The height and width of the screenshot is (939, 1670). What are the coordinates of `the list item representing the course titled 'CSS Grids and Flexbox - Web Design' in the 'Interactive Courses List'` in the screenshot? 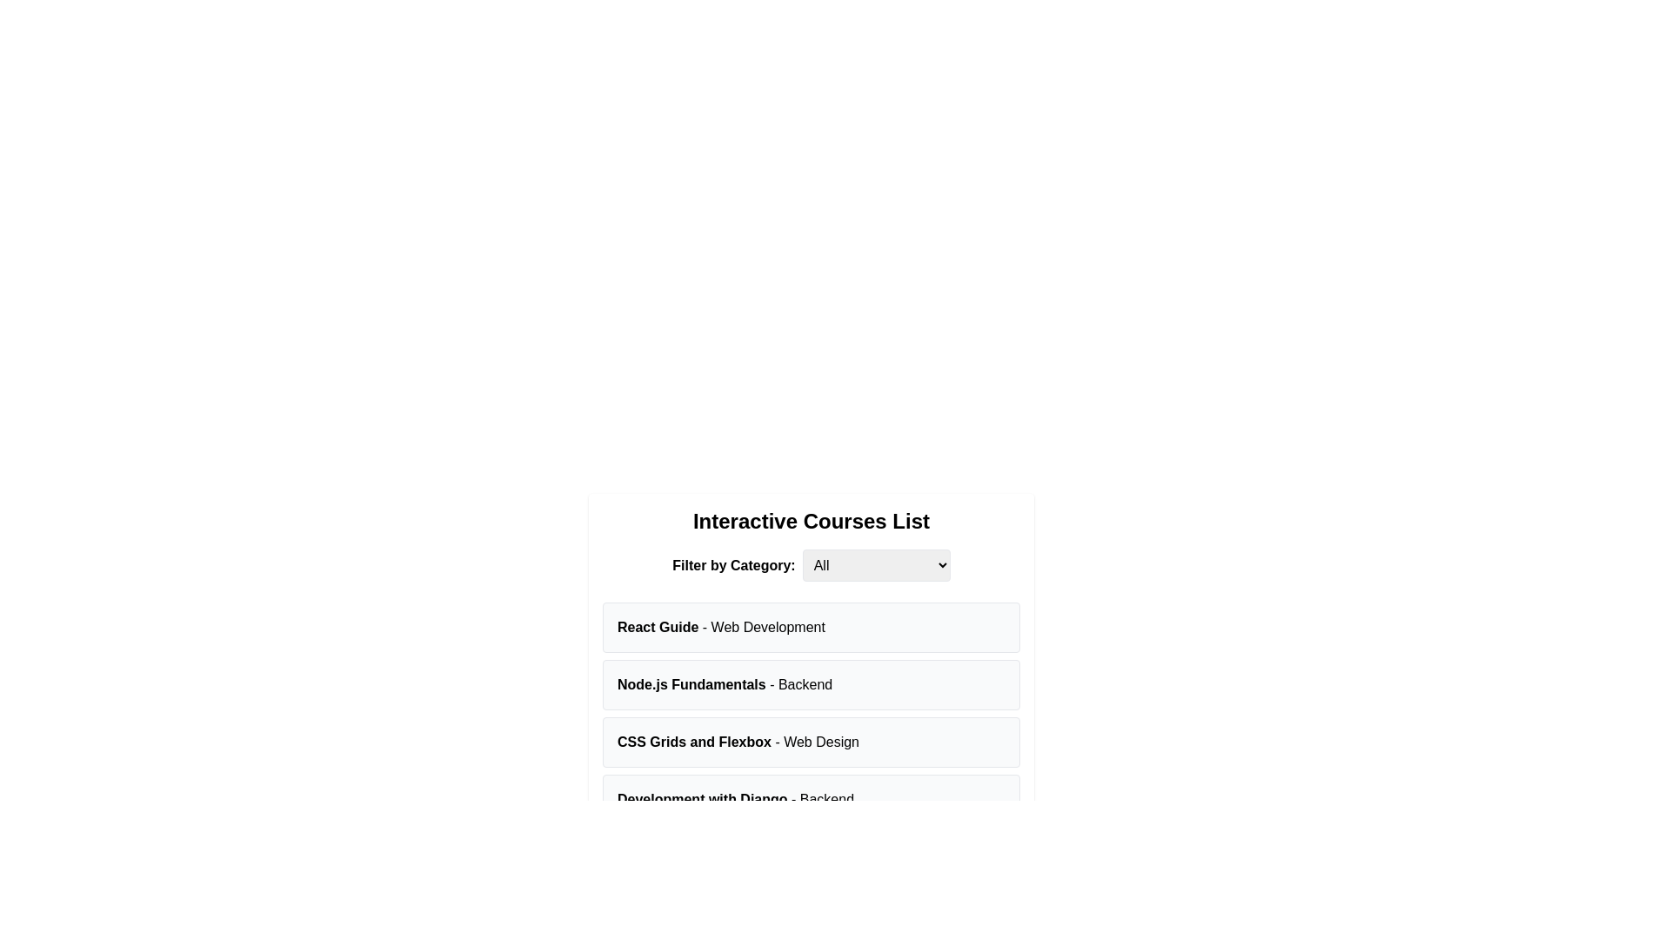 It's located at (810, 742).